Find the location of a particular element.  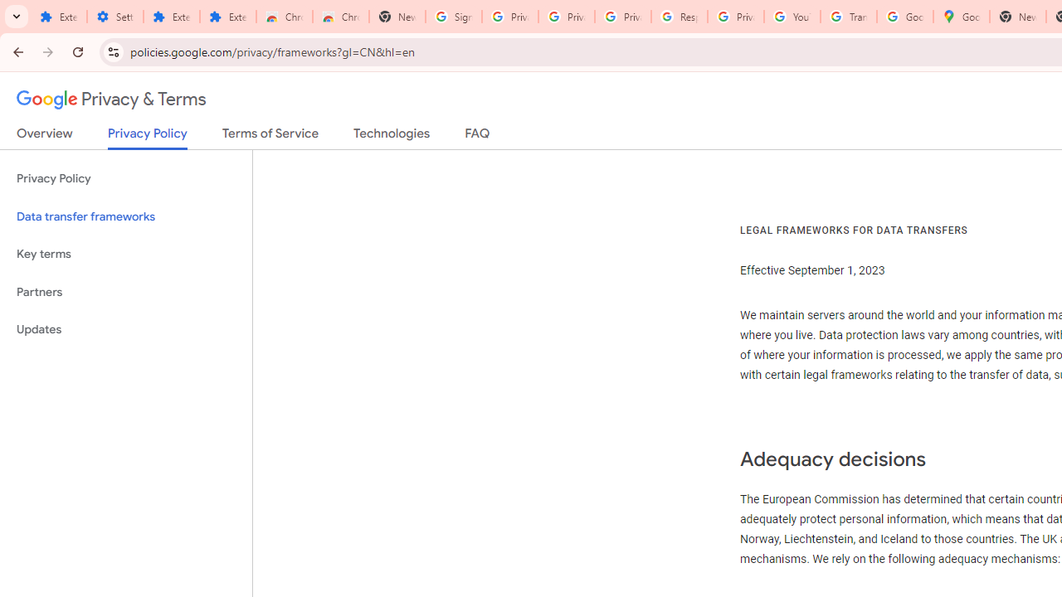

'Sign in - Google Accounts' is located at coordinates (454, 17).